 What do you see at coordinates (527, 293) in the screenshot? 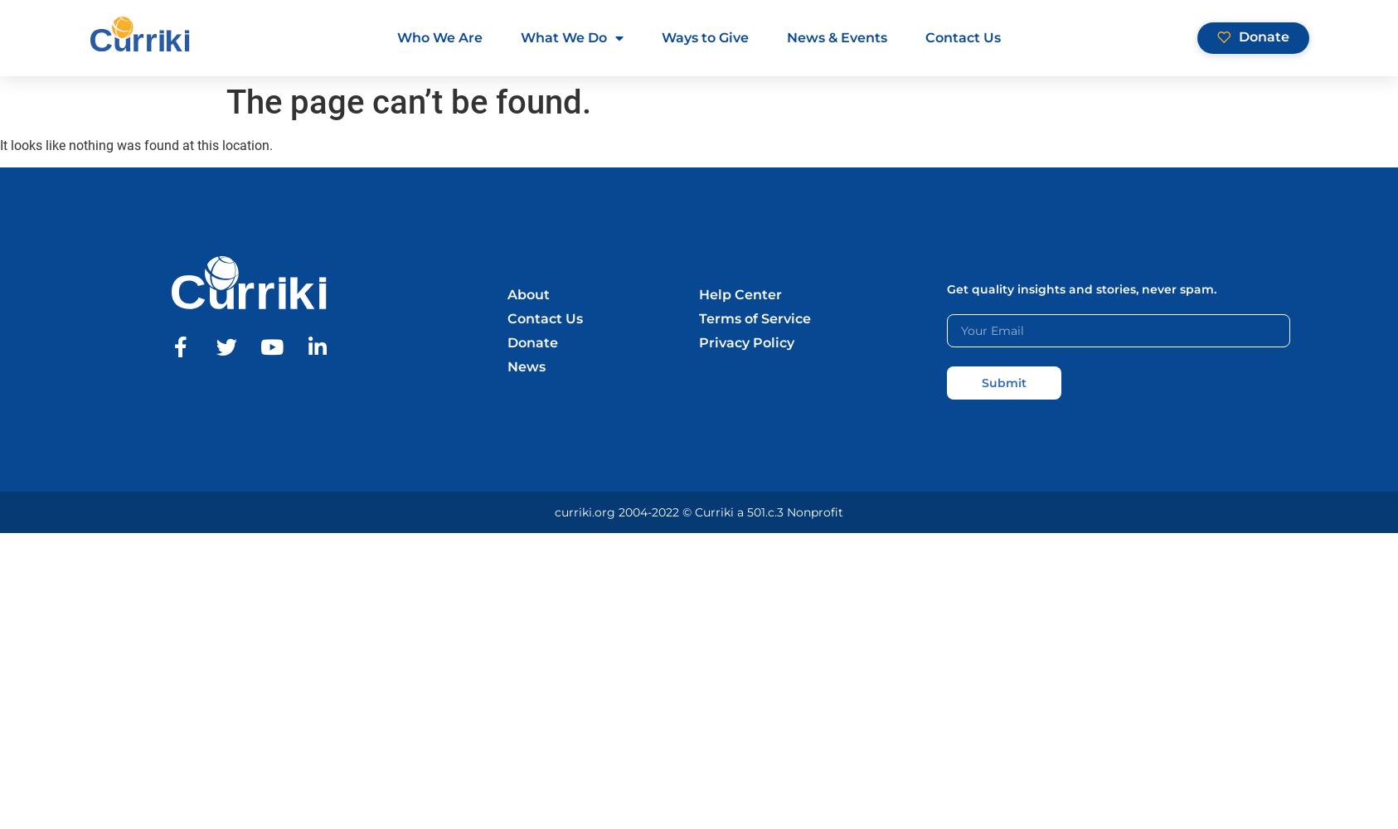
I see `'About'` at bounding box center [527, 293].